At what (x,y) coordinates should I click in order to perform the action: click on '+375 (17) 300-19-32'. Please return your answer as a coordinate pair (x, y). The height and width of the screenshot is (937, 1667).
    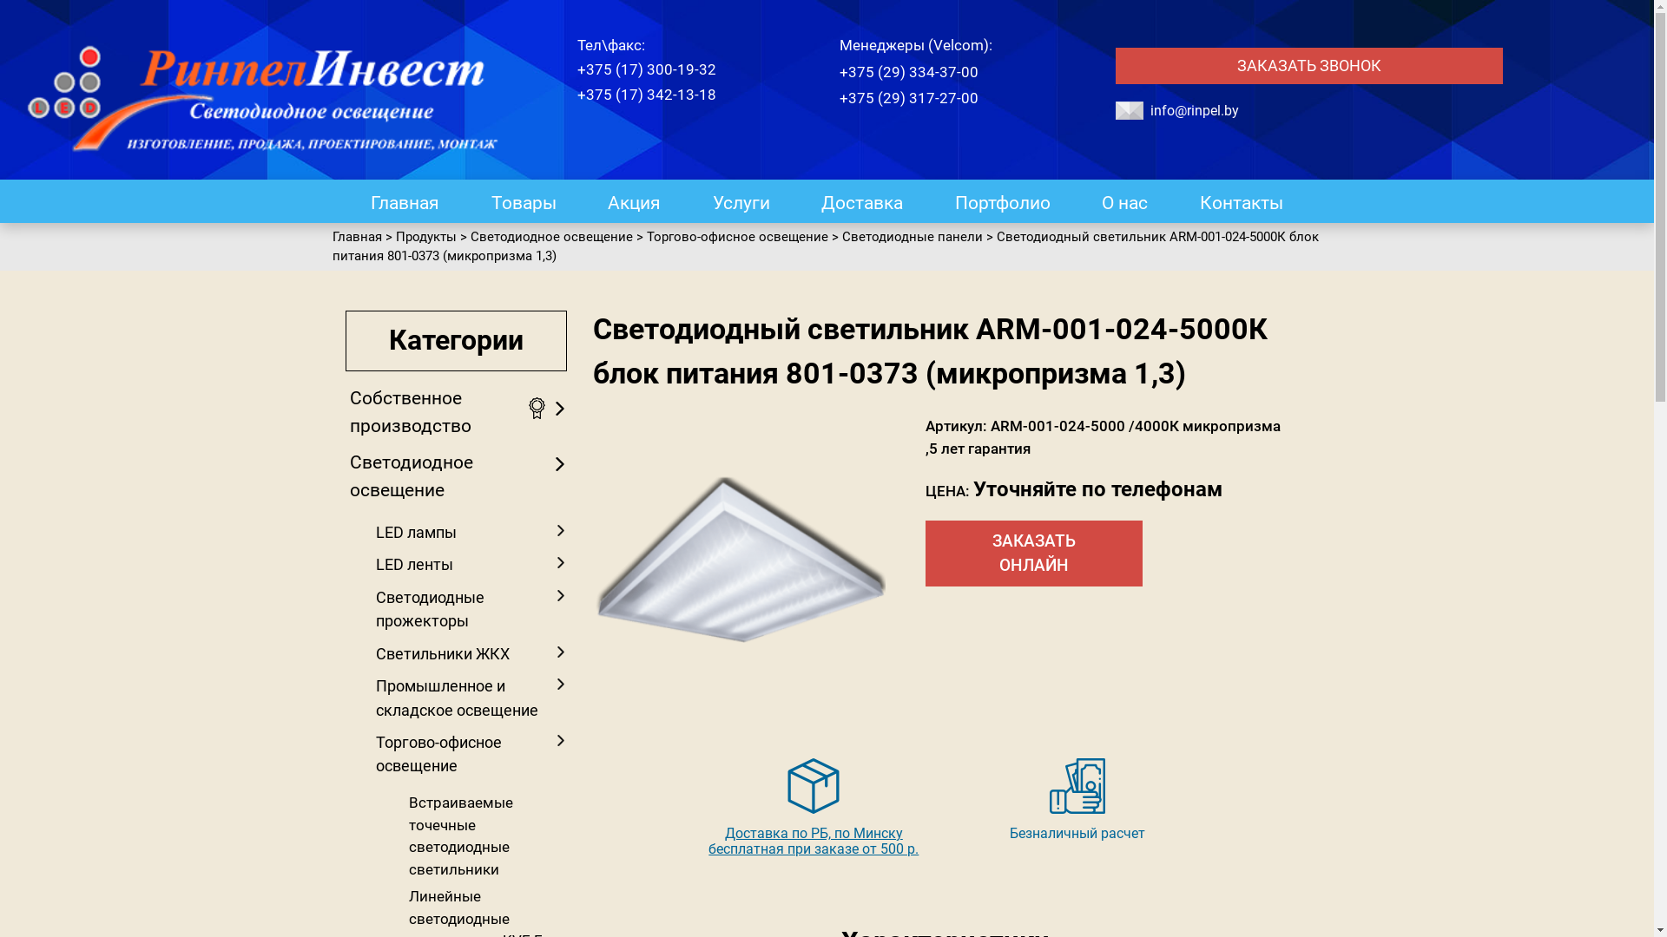
    Looking at the image, I should click on (645, 69).